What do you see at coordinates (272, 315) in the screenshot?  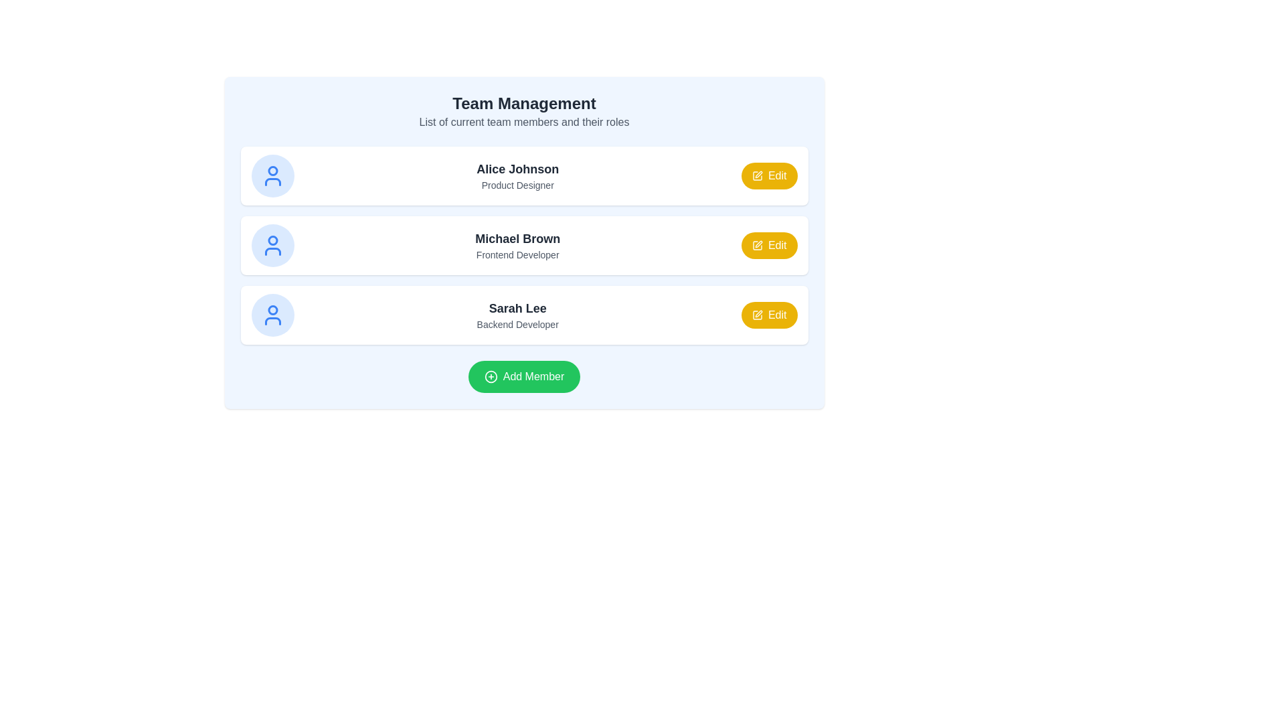 I see `the avatar icon representing user 'Sarah Lee' located in the third row of the team management panel, next to the information 'Sarah Lee, Backend Developer.'` at bounding box center [272, 315].